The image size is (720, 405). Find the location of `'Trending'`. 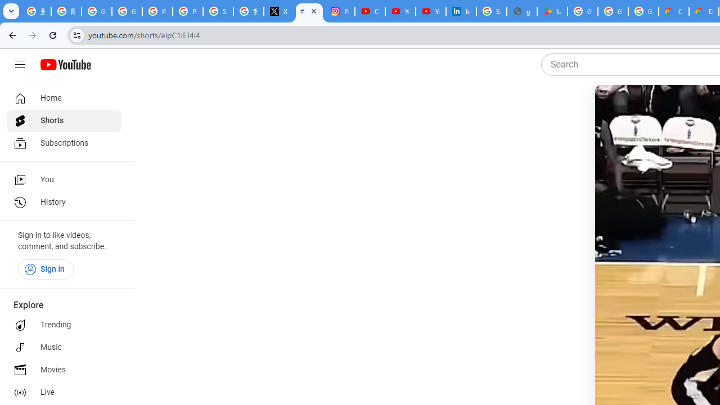

'Trending' is located at coordinates (63, 325).